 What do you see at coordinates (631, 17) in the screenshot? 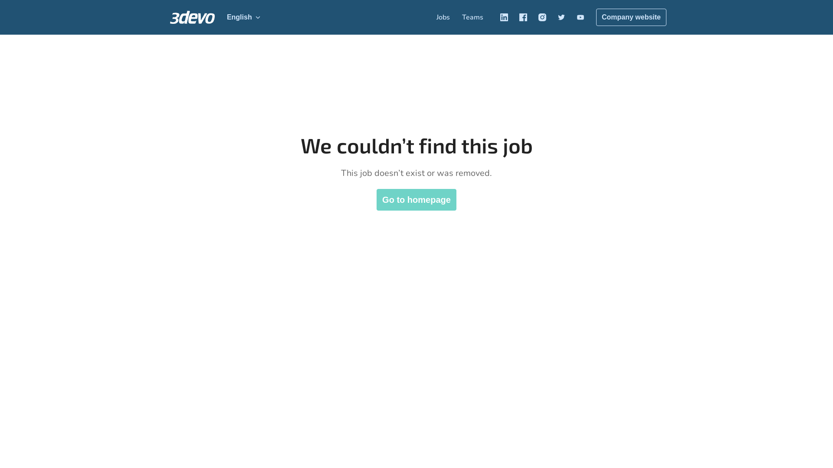
I see `'Company website'` at bounding box center [631, 17].